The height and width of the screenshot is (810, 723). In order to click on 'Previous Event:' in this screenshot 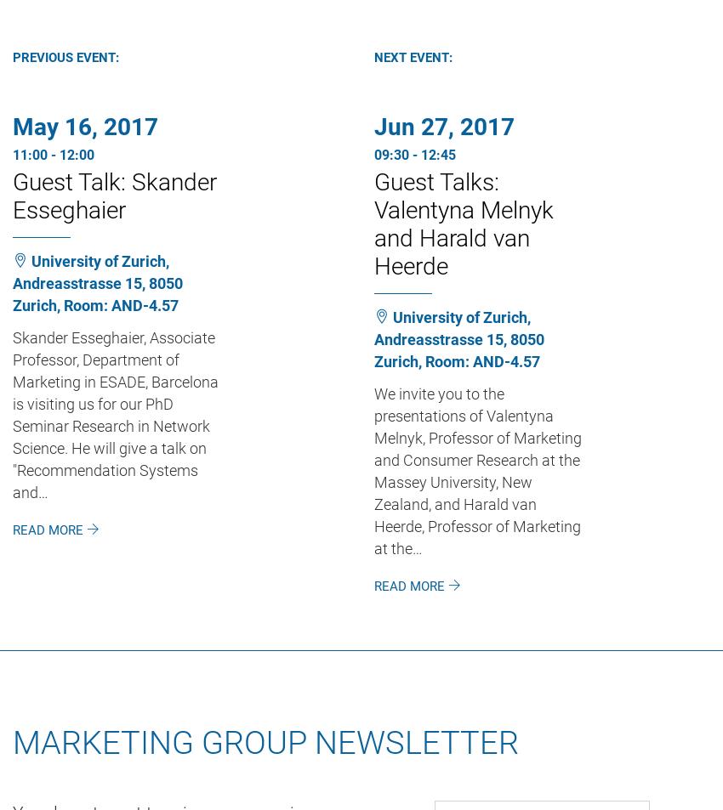, I will do `click(65, 55)`.